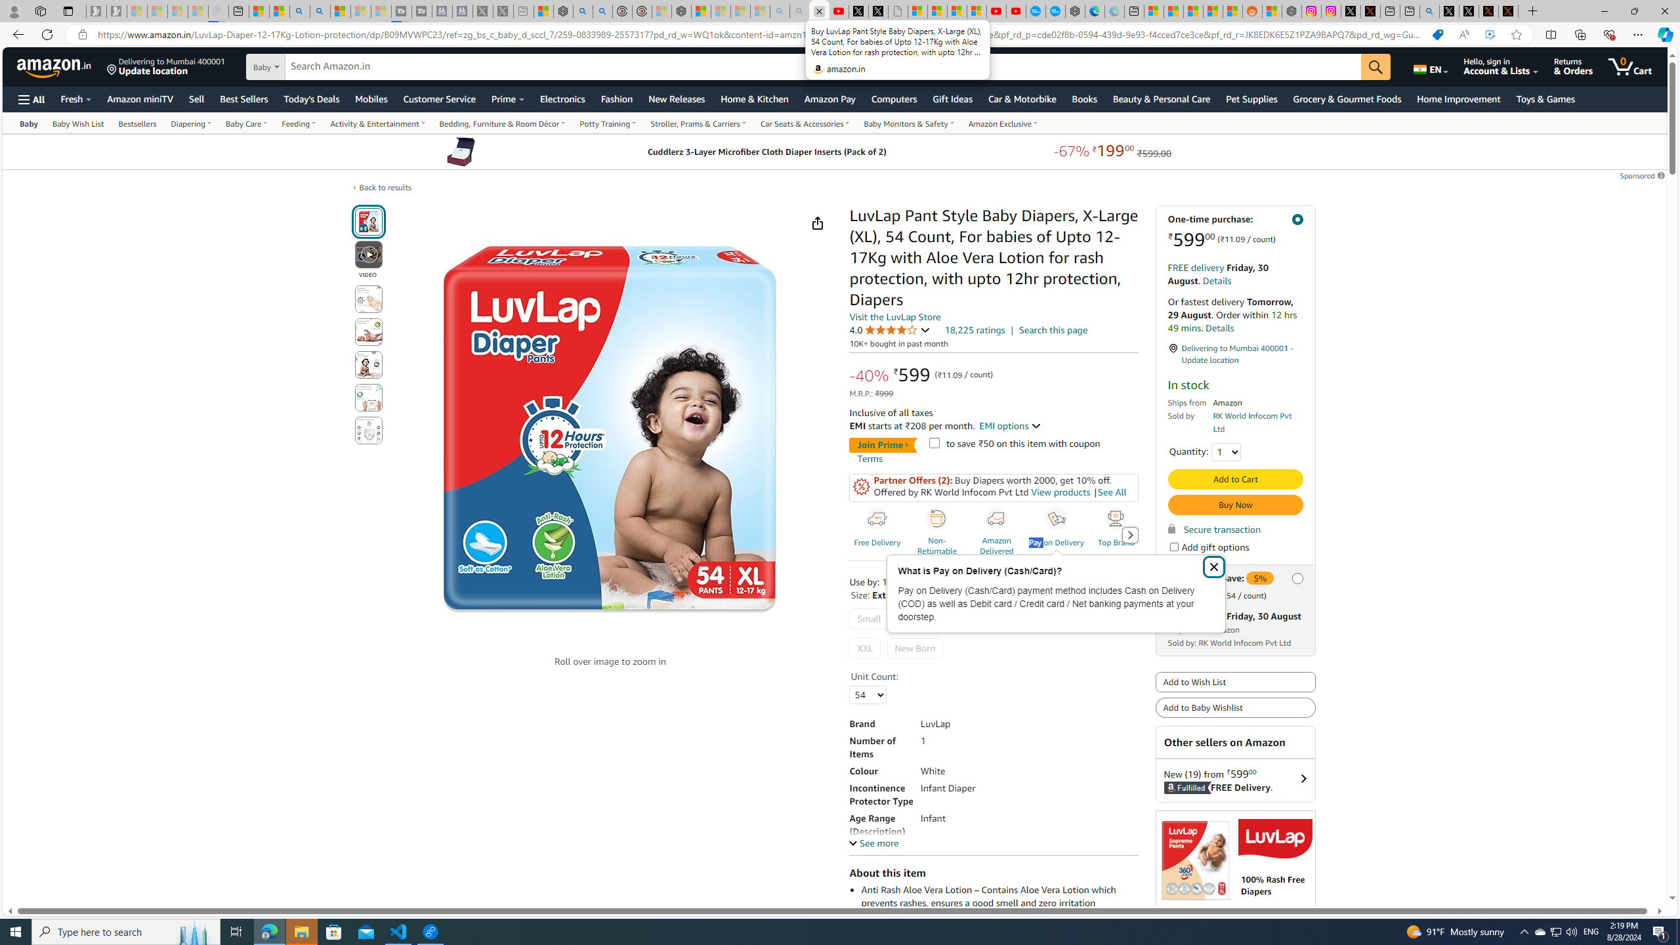 Image resolution: width=1680 pixels, height=945 pixels. What do you see at coordinates (1016, 10) in the screenshot?
I see `'YouTube Kids - An App Created for Kids to Explore Content'` at bounding box center [1016, 10].